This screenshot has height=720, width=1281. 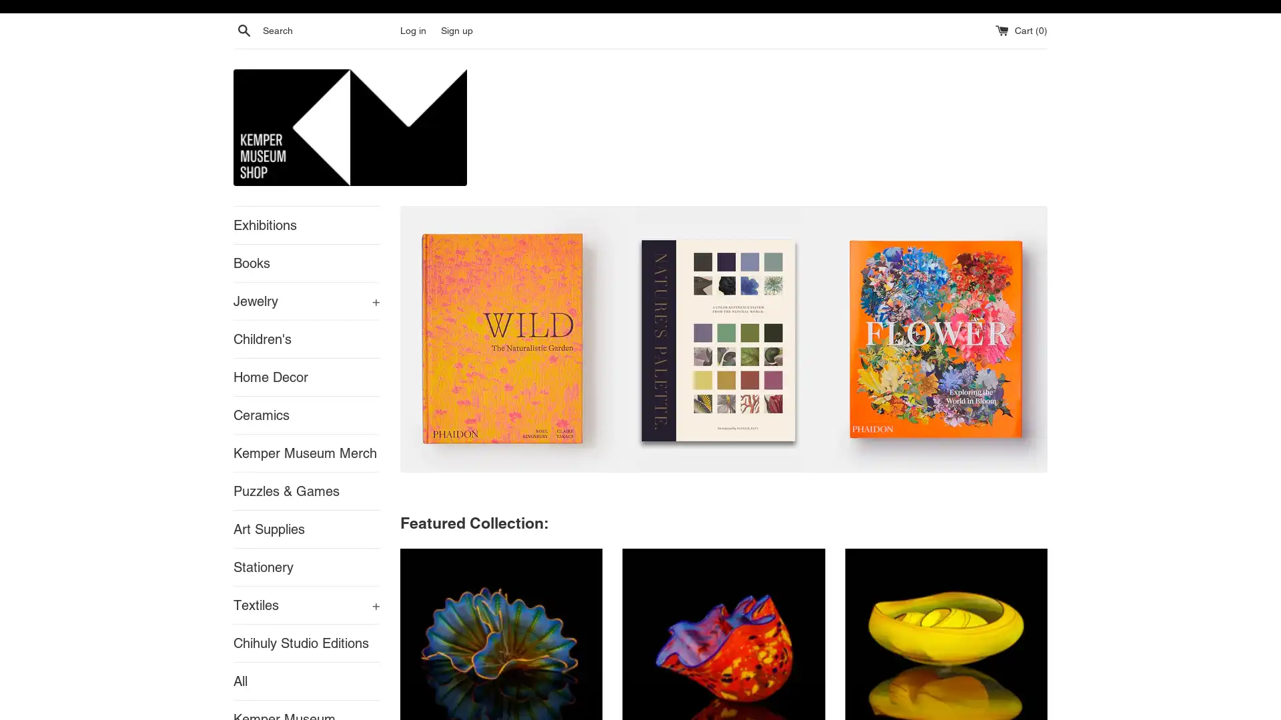 I want to click on Search, so click(x=244, y=30).